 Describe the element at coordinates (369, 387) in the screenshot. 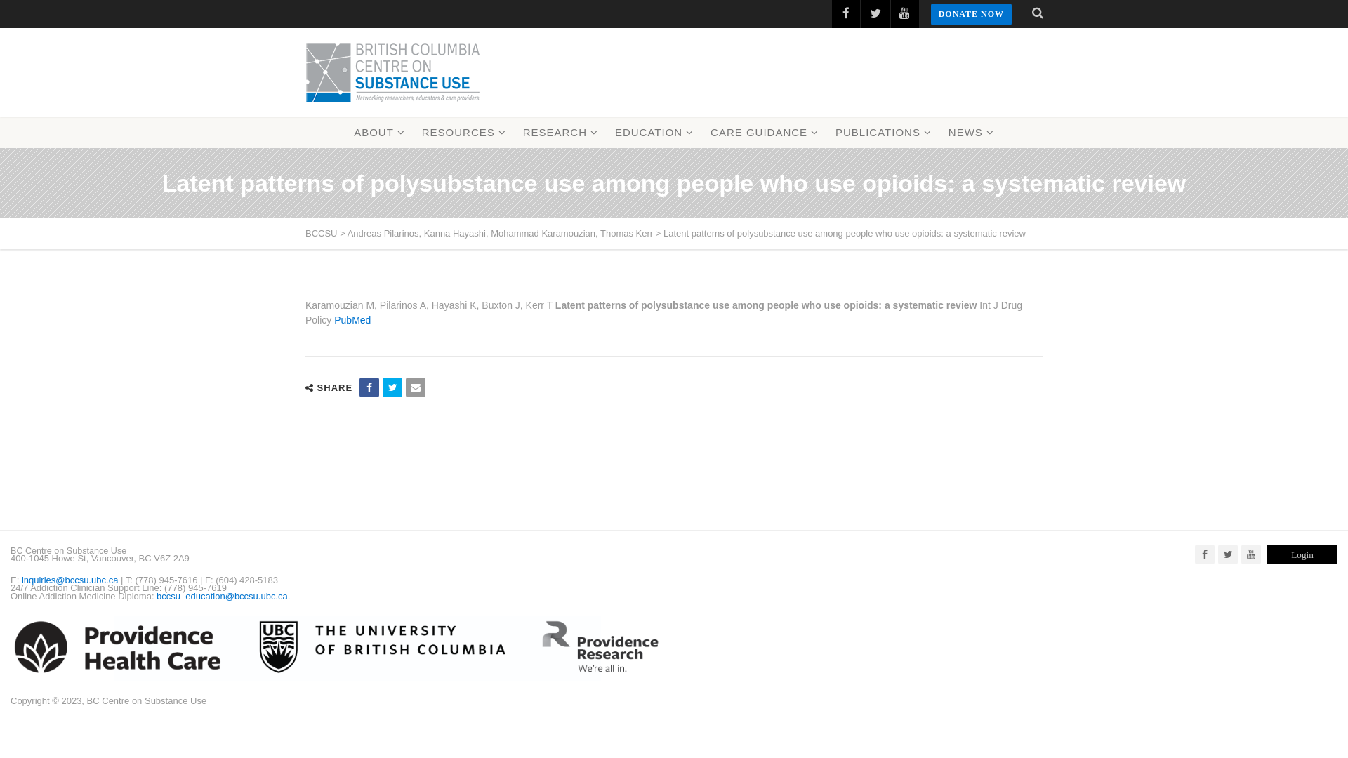

I see `'Share on Facebook'` at that location.